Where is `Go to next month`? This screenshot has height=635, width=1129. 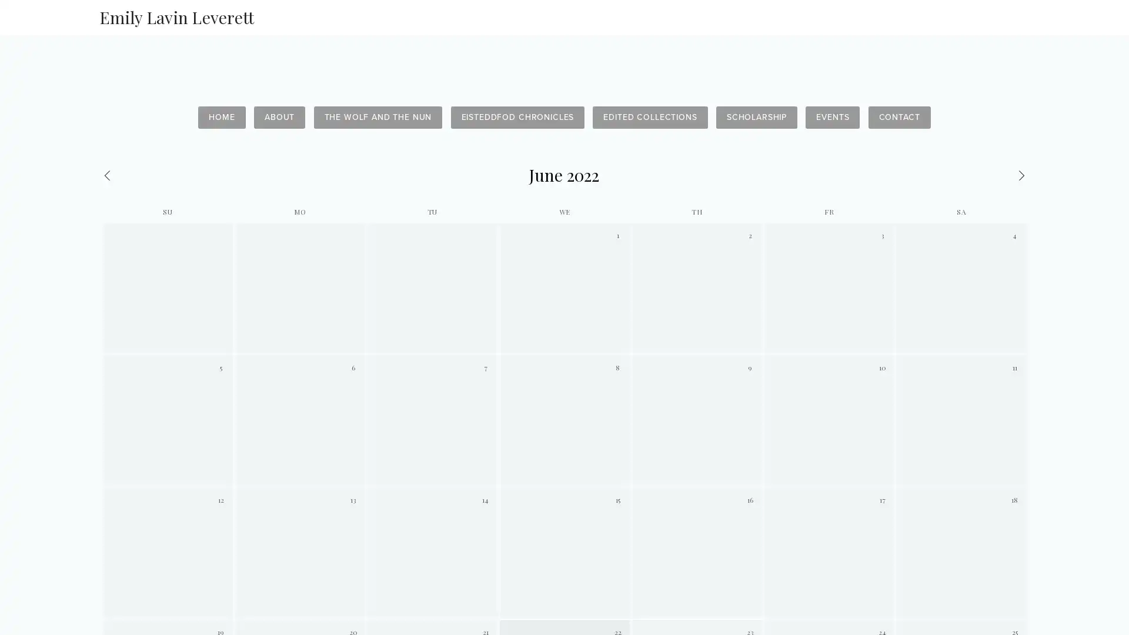
Go to next month is located at coordinates (963, 175).